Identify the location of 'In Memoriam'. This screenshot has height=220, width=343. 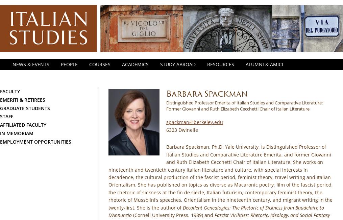
(0, 132).